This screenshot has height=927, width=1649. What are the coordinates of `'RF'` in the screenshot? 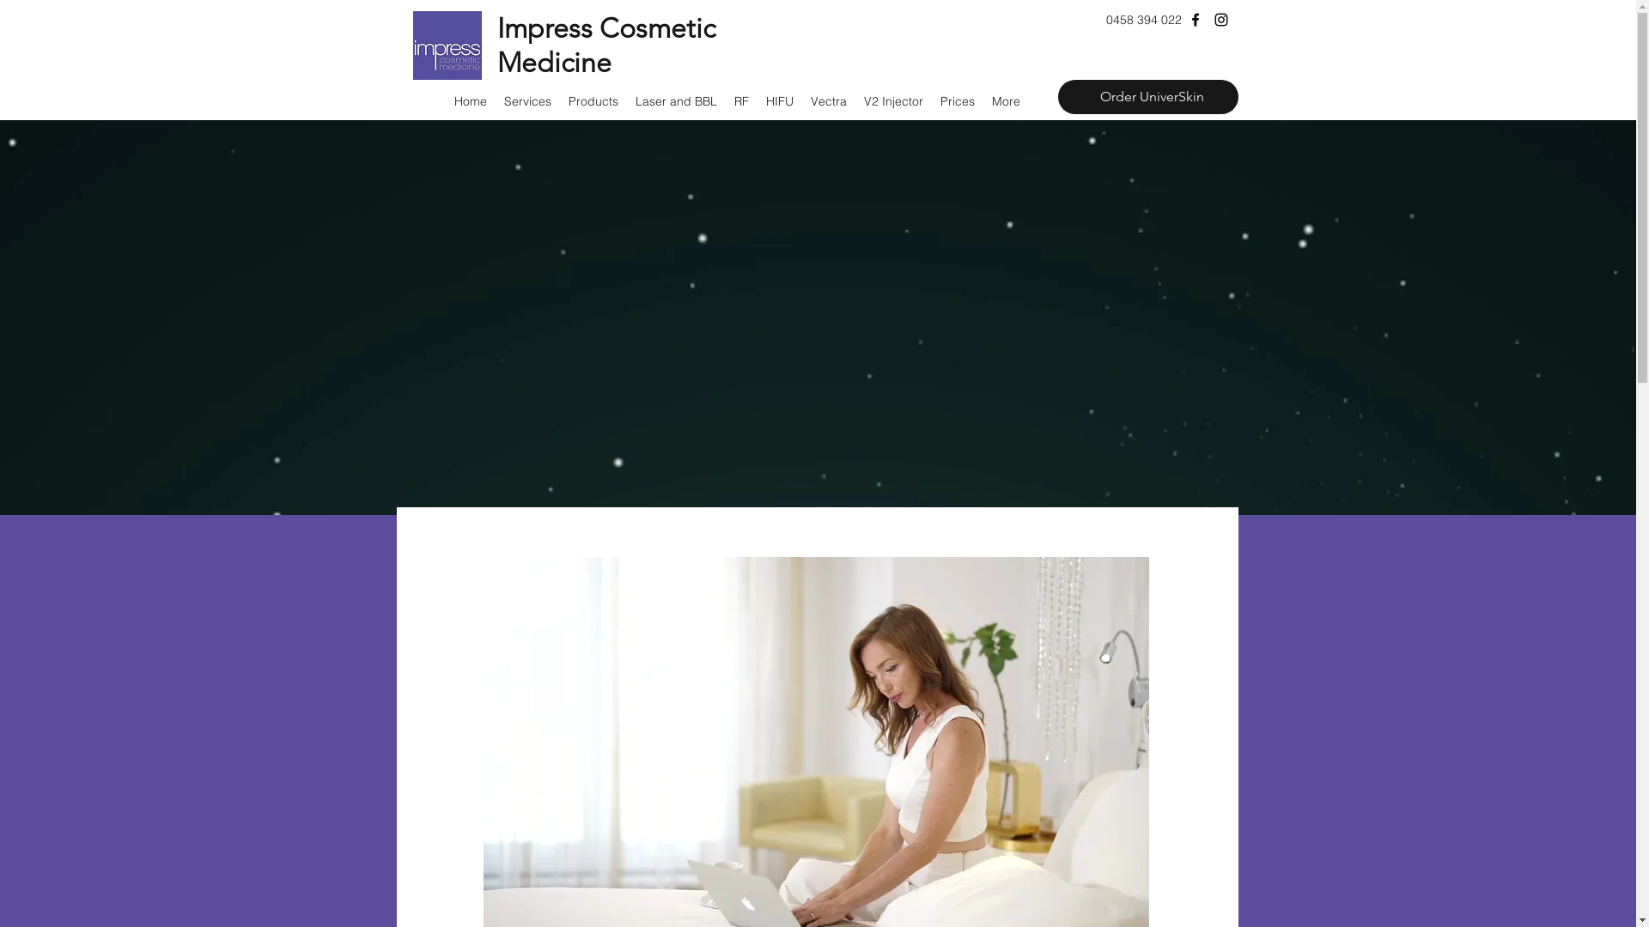 It's located at (740, 101).